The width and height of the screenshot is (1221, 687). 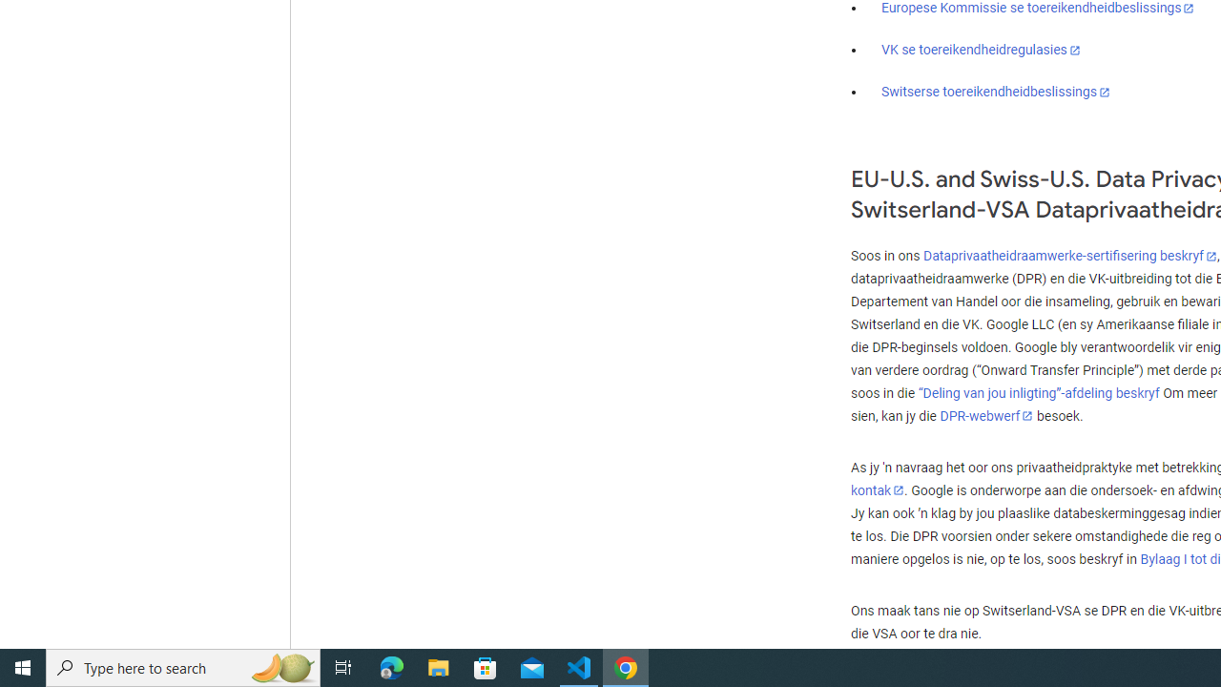 What do you see at coordinates (986, 414) in the screenshot?
I see `'DPR-webwerf'` at bounding box center [986, 414].